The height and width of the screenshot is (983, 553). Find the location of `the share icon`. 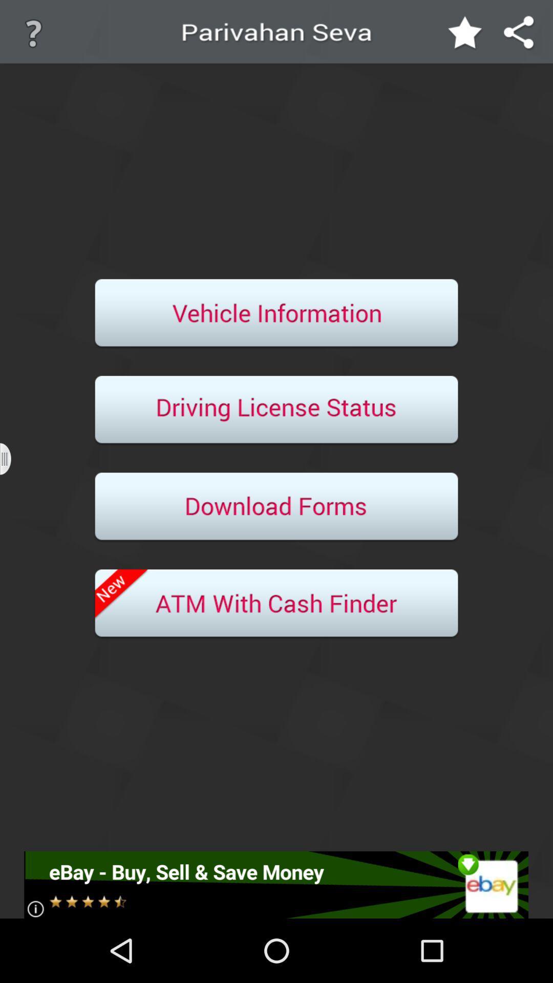

the share icon is located at coordinates (519, 36).